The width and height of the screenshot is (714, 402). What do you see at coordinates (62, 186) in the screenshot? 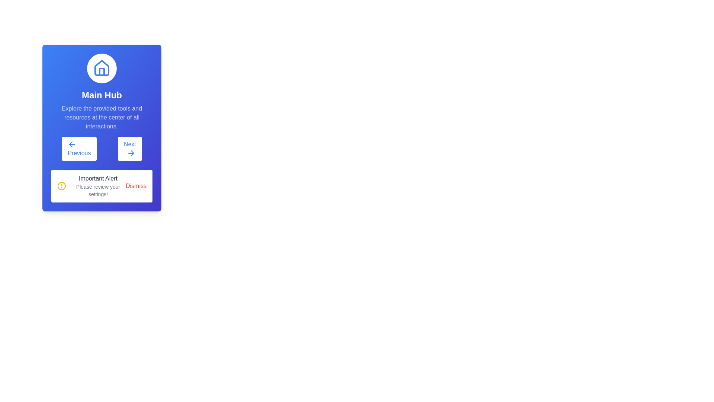
I see `the decorative circular warning icon located in the 'Important Alert' section at the bottom of the interface card` at bounding box center [62, 186].